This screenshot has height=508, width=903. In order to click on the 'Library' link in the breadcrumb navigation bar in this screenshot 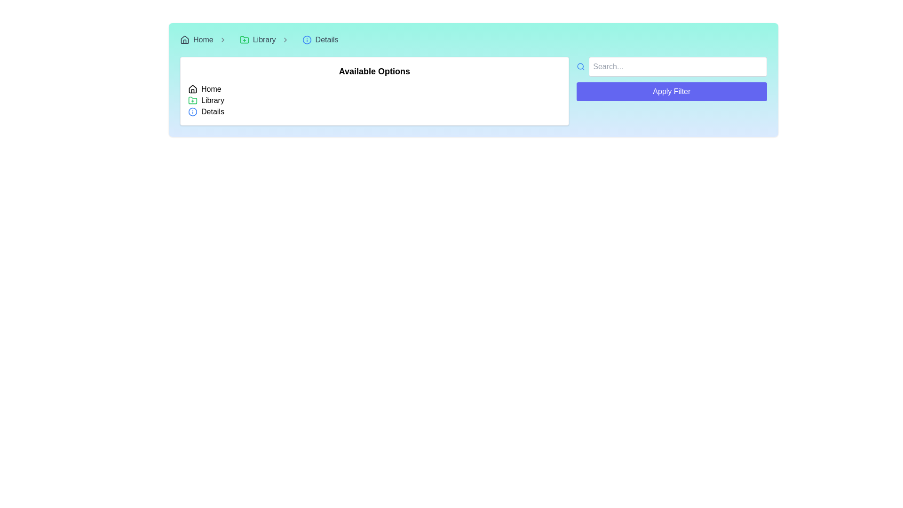, I will do `click(266, 39)`.